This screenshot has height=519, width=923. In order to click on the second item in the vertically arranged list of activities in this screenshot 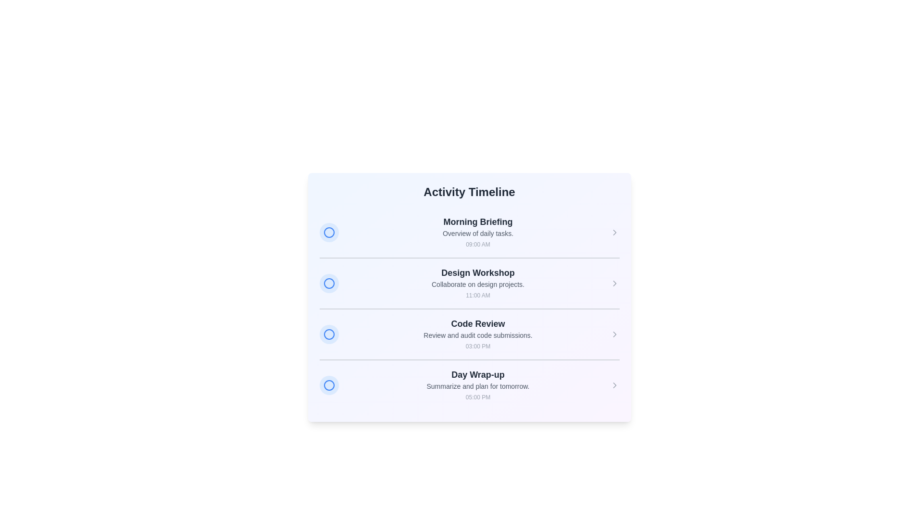, I will do `click(469, 283)`.